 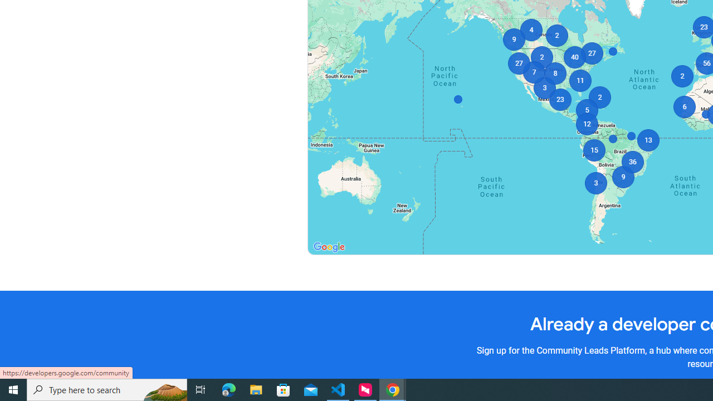 What do you see at coordinates (530, 30) in the screenshot?
I see `'4'` at bounding box center [530, 30].